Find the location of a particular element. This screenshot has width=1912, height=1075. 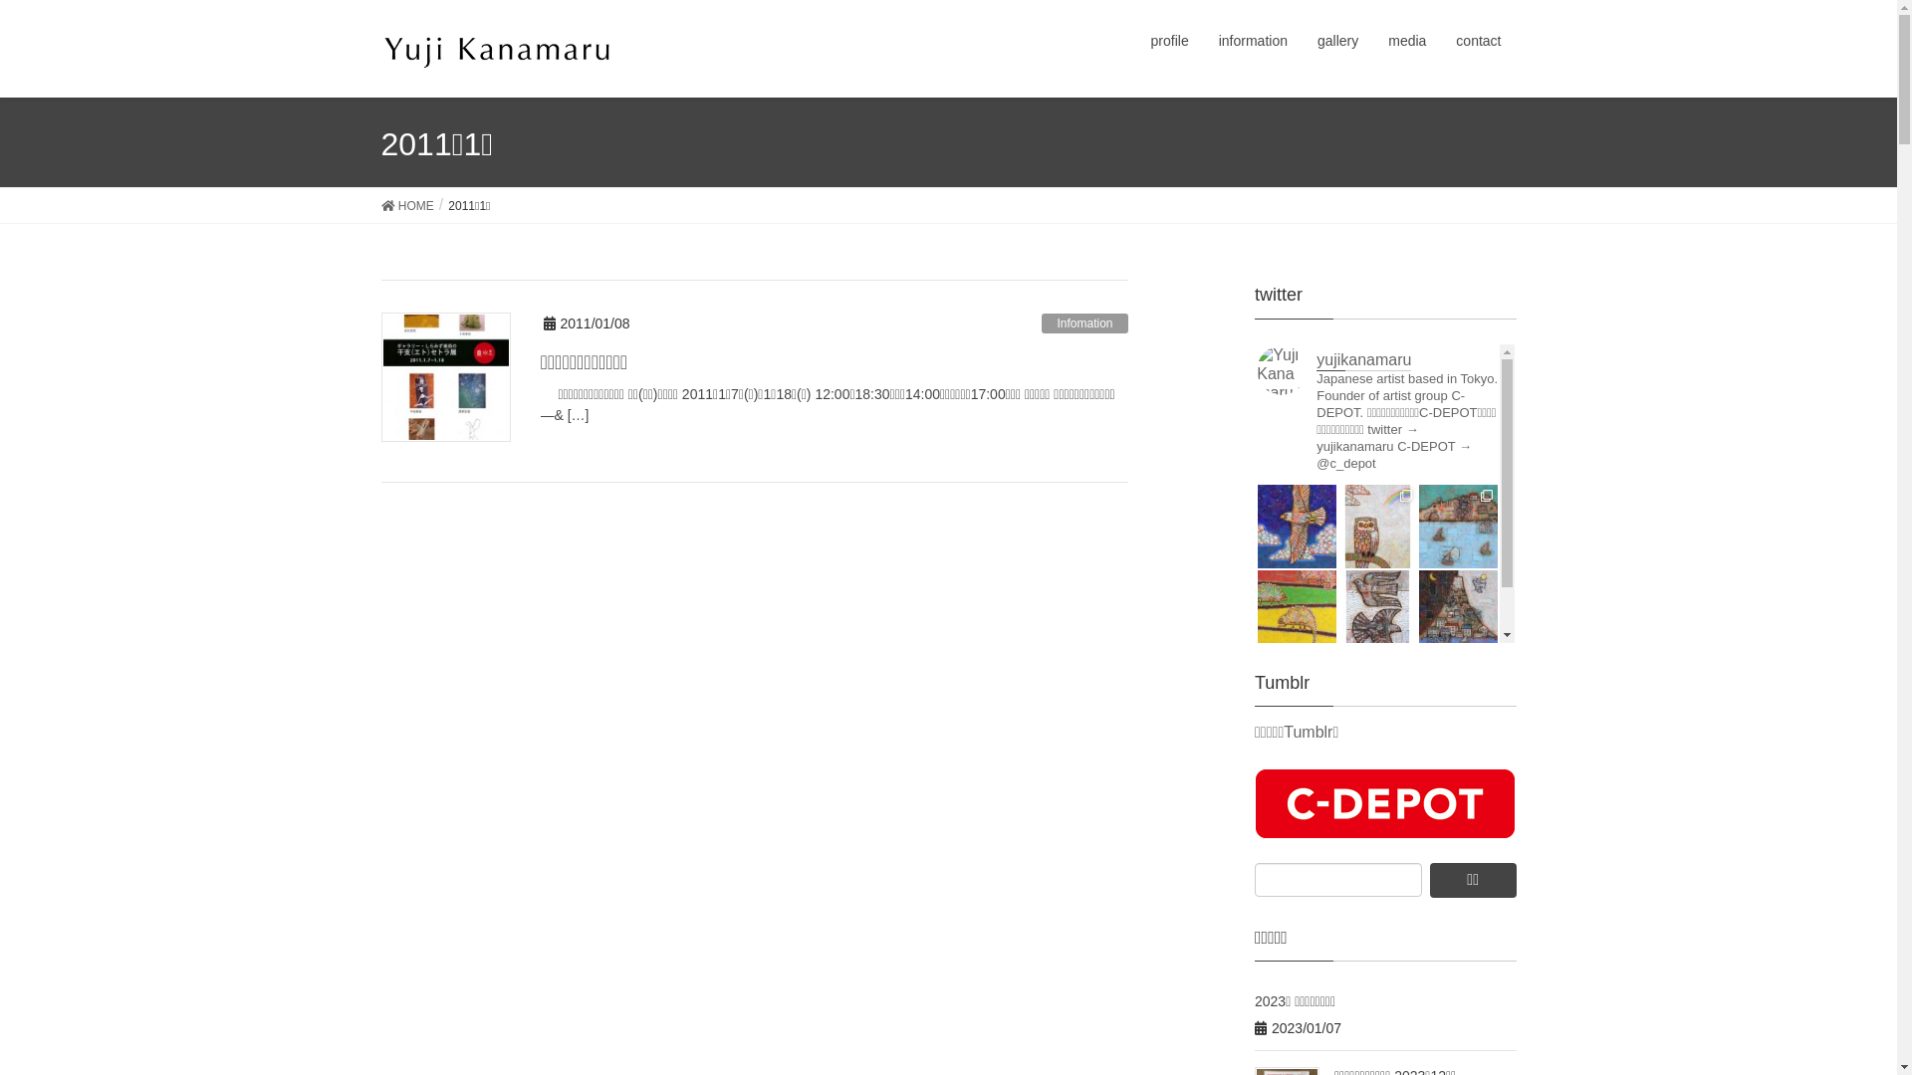

'profile' is located at coordinates (1170, 41).